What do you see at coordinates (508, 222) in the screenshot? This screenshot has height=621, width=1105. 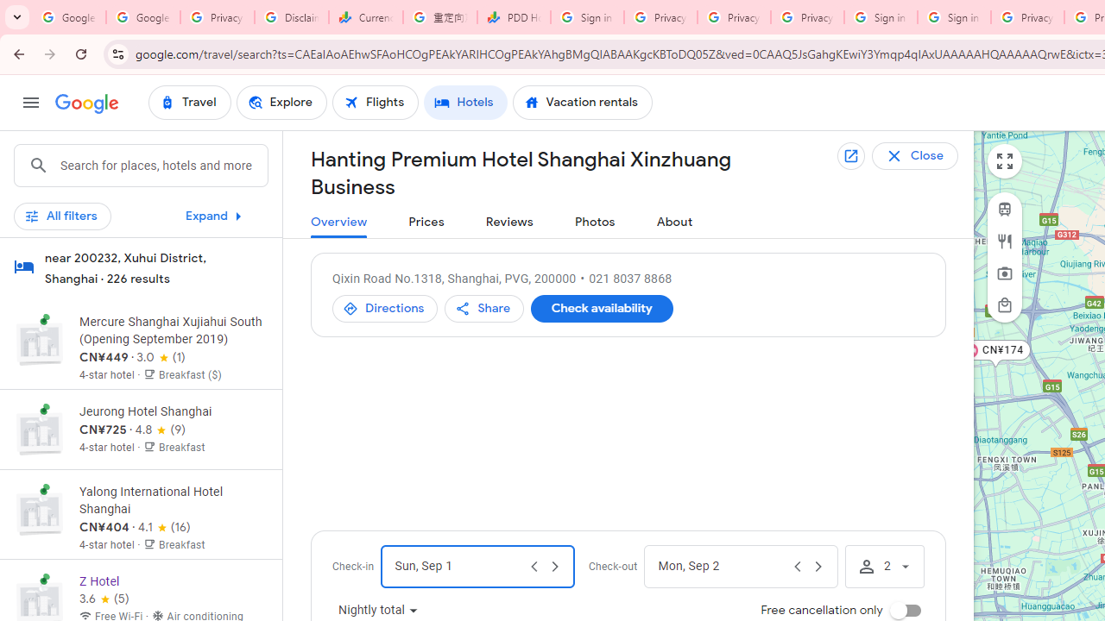 I see `'Reviews'` at bounding box center [508, 222].